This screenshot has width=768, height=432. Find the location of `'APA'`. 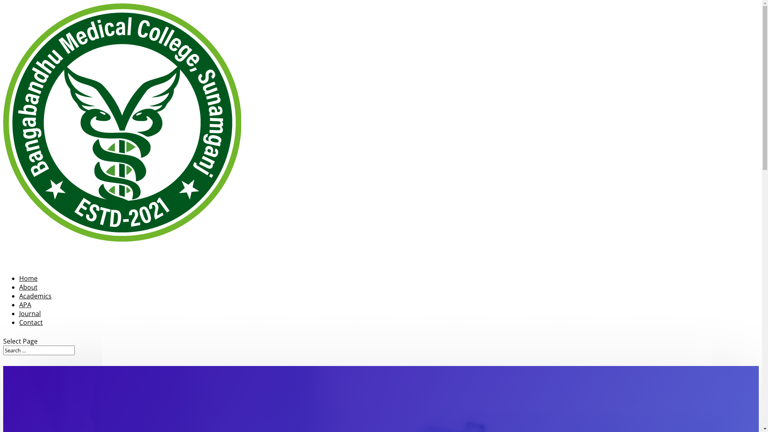

'APA' is located at coordinates (19, 316).